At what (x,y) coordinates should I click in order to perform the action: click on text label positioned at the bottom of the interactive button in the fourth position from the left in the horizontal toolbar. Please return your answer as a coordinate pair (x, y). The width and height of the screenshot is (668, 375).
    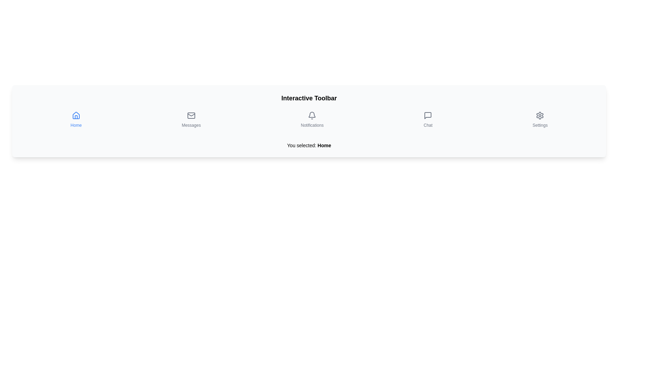
    Looking at the image, I should click on (428, 125).